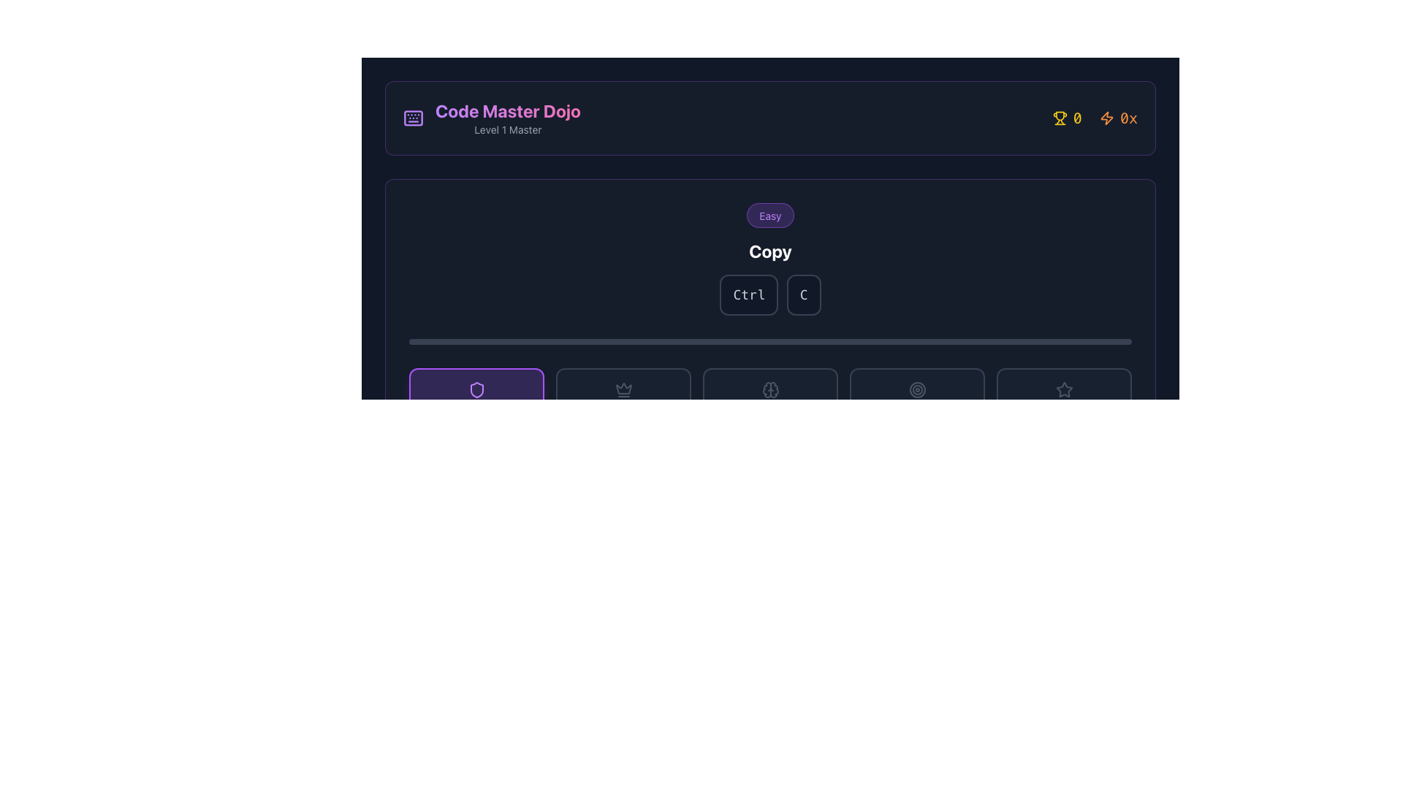 The image size is (1403, 789). I want to click on the orange-colored monospace text displaying '0x', which is located in the top-right corner of the interface, directly to the right of an orange lightning icon, so click(1128, 118).